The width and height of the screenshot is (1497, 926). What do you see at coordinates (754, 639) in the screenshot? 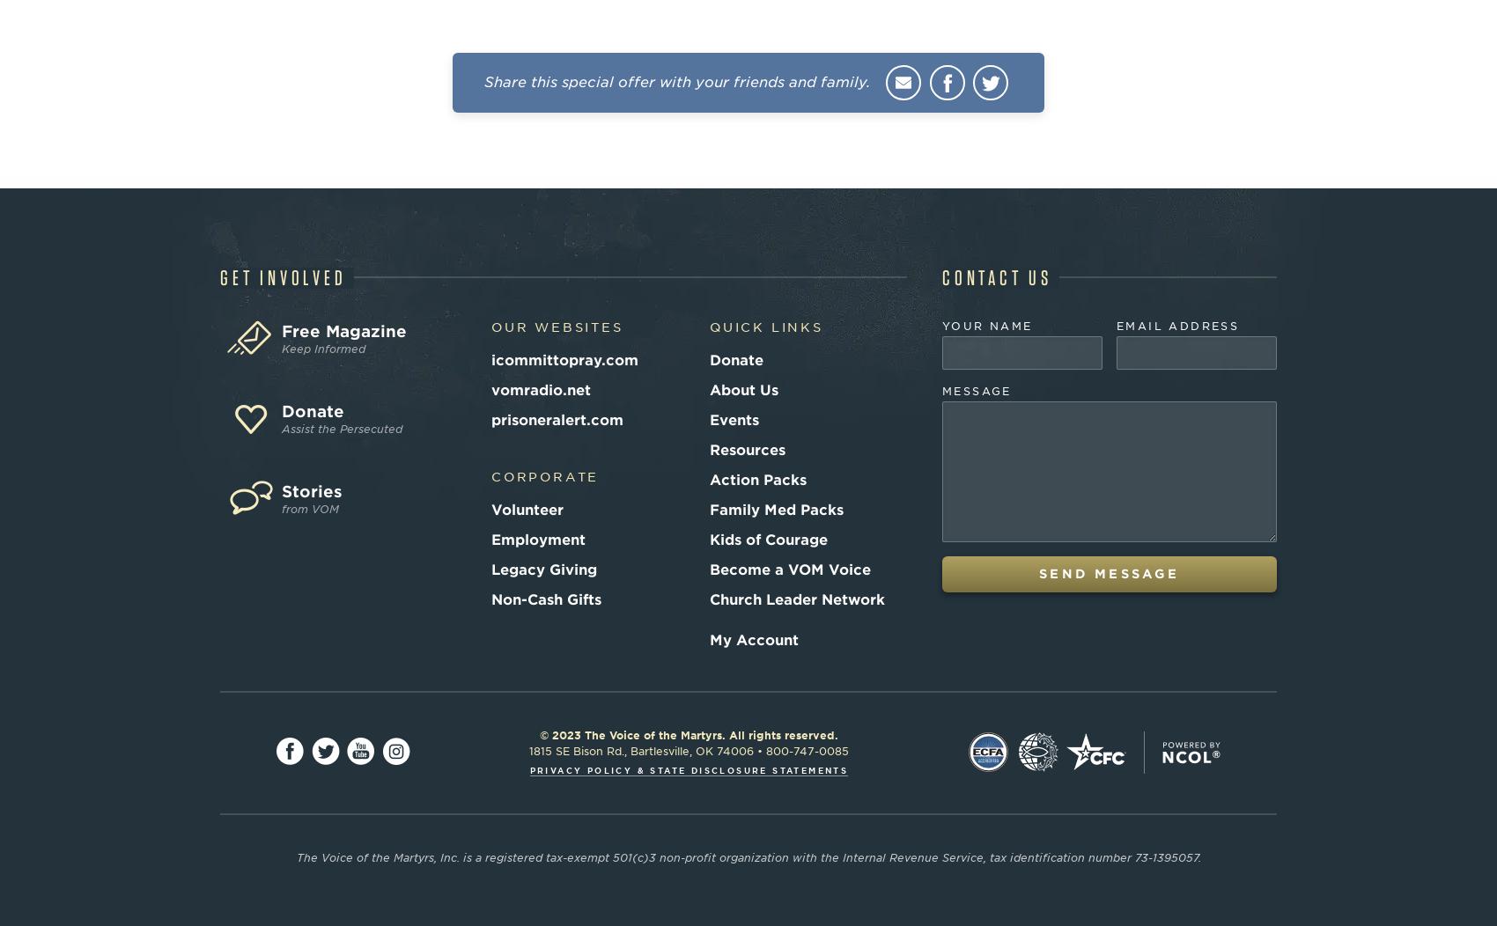
I see `'My Account'` at bounding box center [754, 639].